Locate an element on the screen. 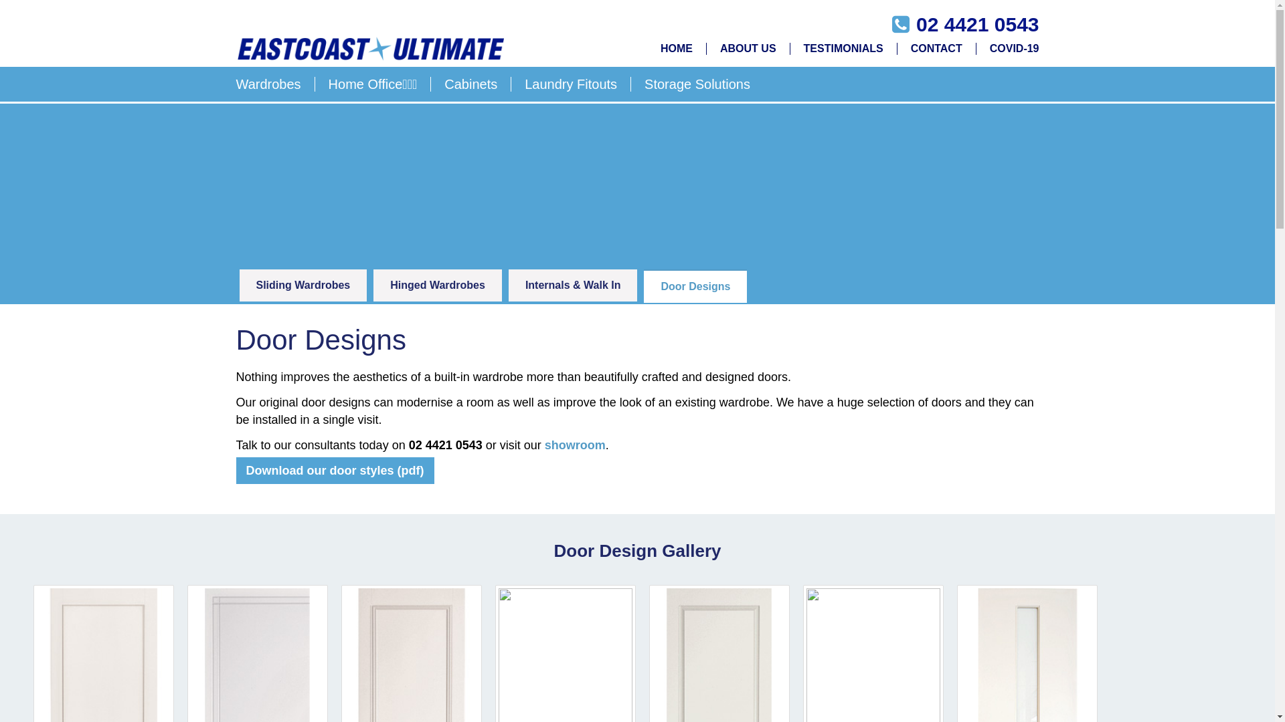 The width and height of the screenshot is (1285, 722). 'ABOUT US' is located at coordinates (748, 48).